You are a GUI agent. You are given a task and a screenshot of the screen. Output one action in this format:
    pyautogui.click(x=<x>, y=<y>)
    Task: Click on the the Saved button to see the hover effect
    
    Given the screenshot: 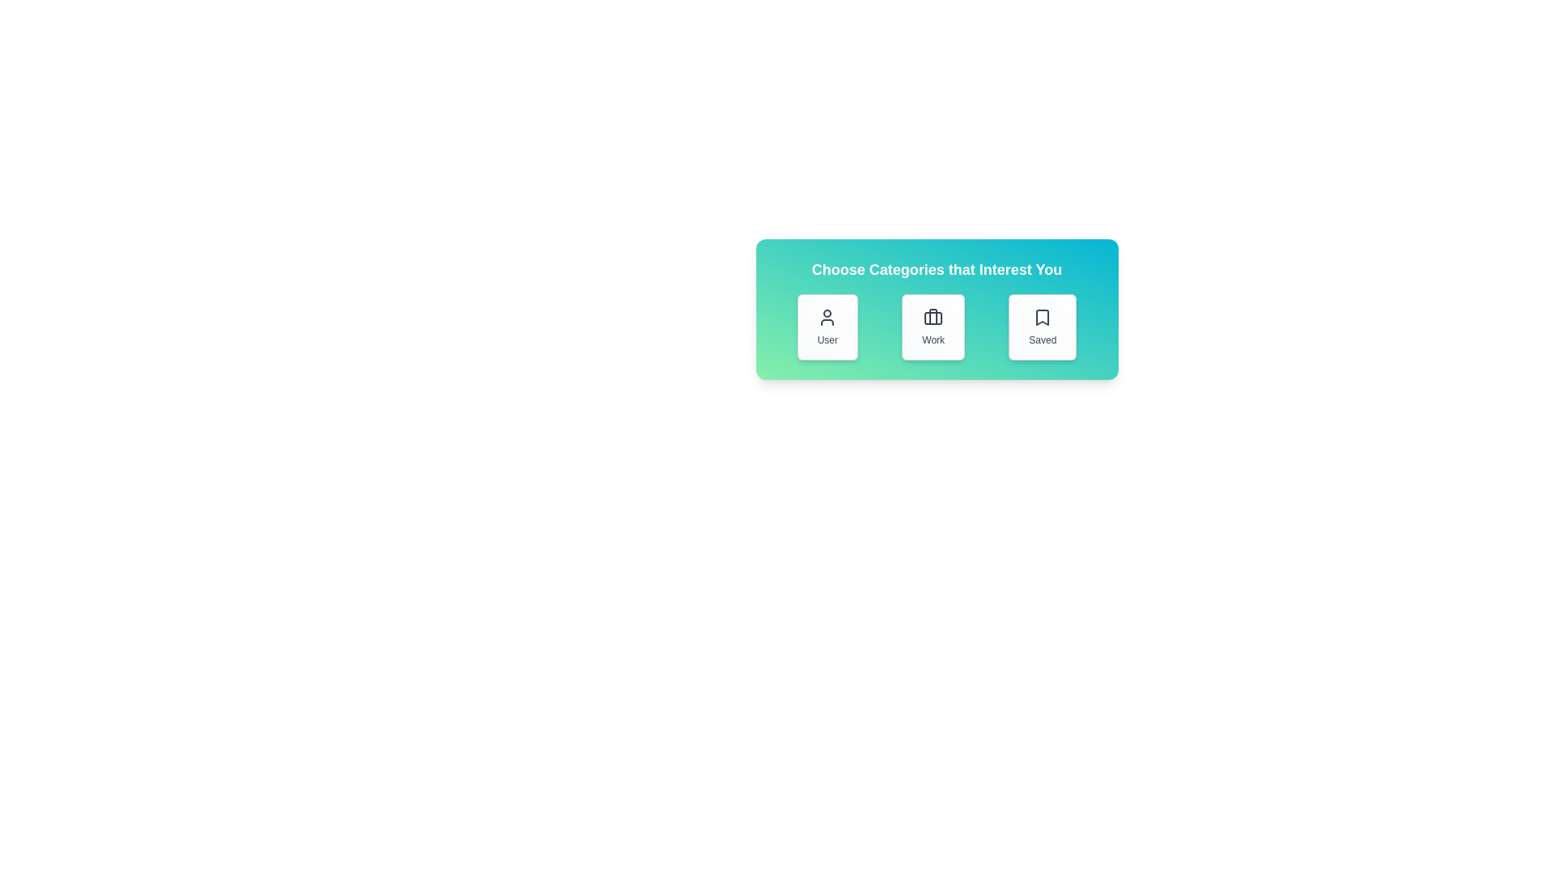 What is the action you would take?
    pyautogui.click(x=1043, y=327)
    